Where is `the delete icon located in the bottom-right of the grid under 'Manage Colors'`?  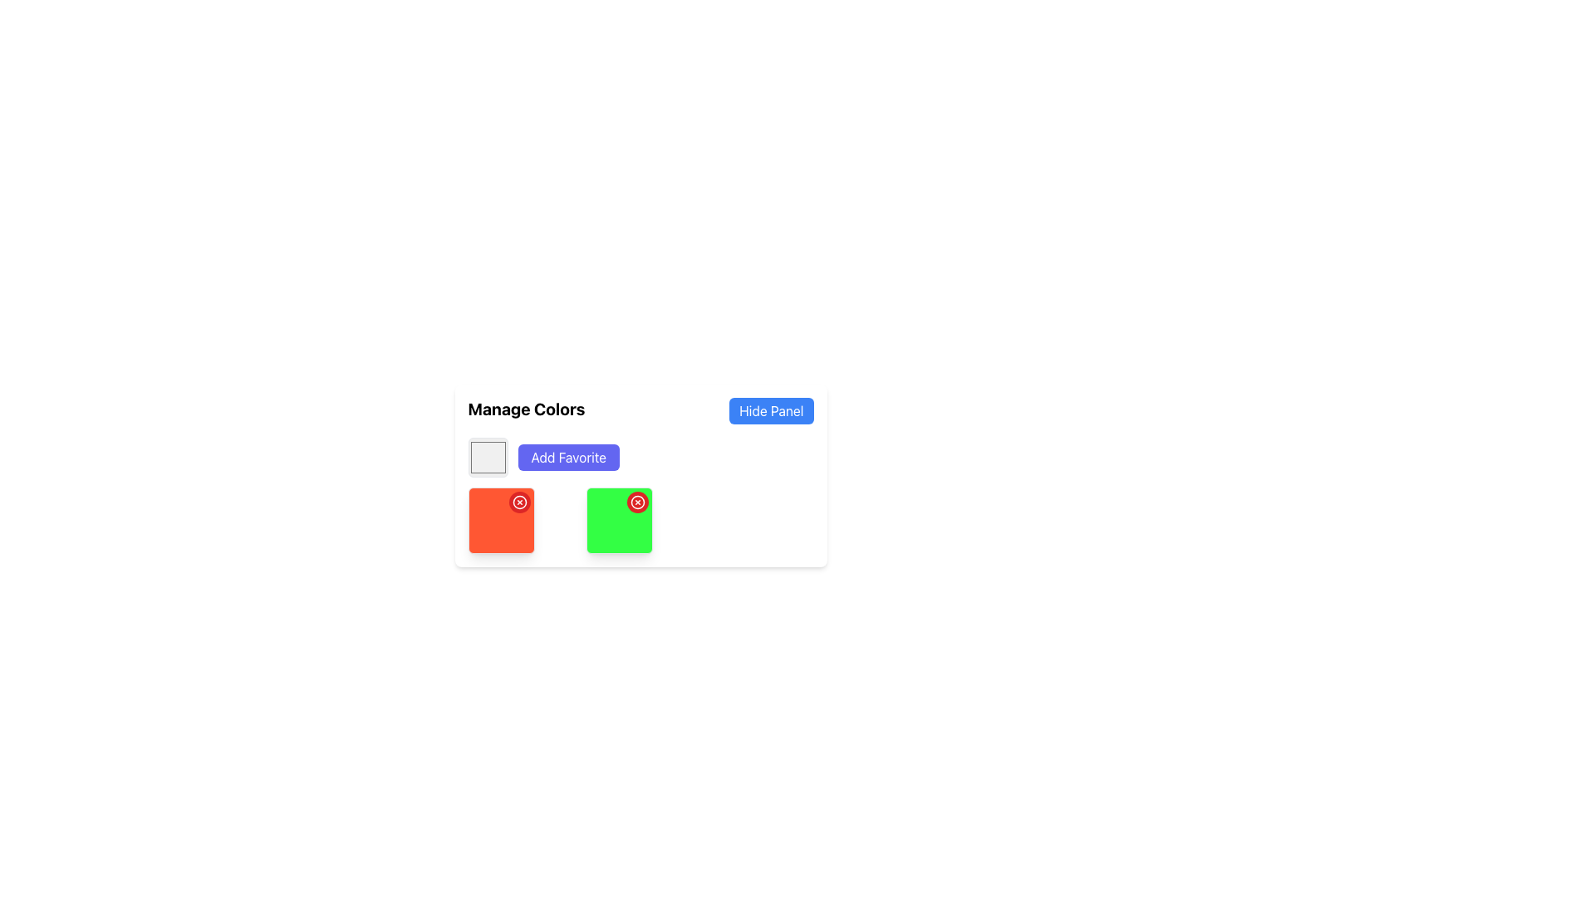 the delete icon located in the bottom-right of the grid under 'Manage Colors' is located at coordinates (518, 502).